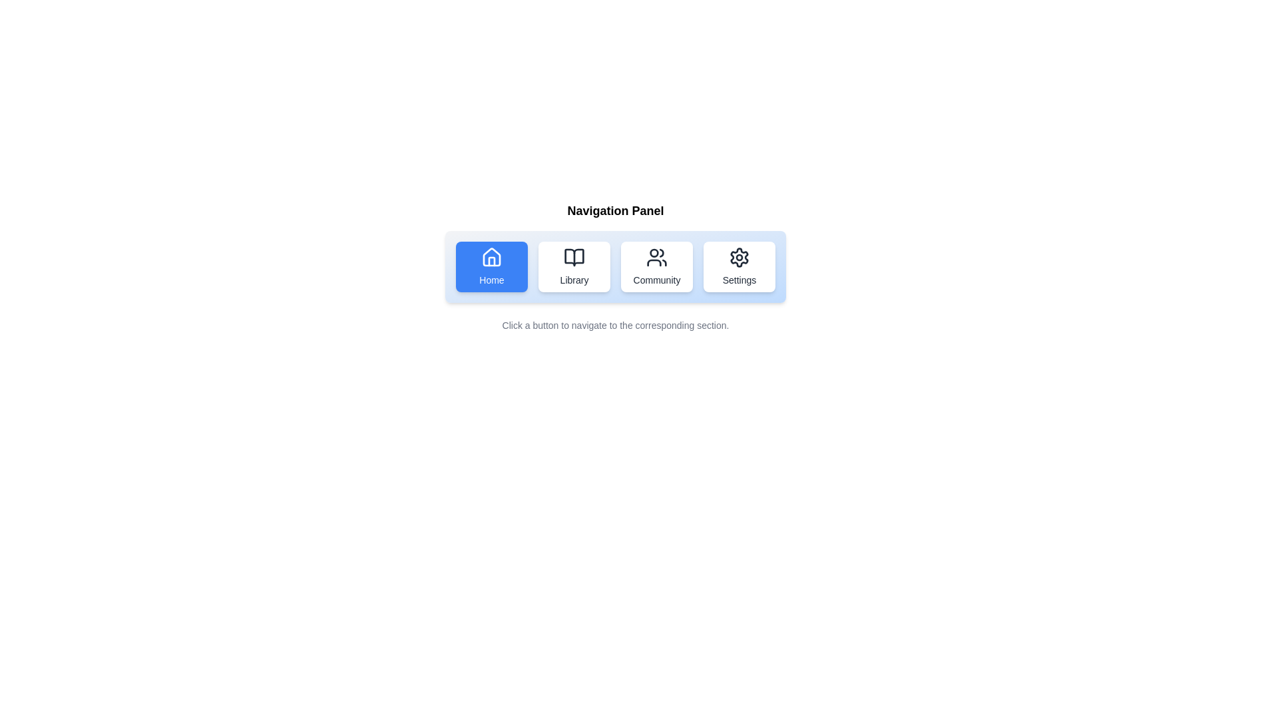 This screenshot has width=1278, height=719. Describe the element at coordinates (491, 256) in the screenshot. I see `the graphical icon representing the 'Home' section, which is the leftmost icon in a row of four in the navigation panel` at that location.